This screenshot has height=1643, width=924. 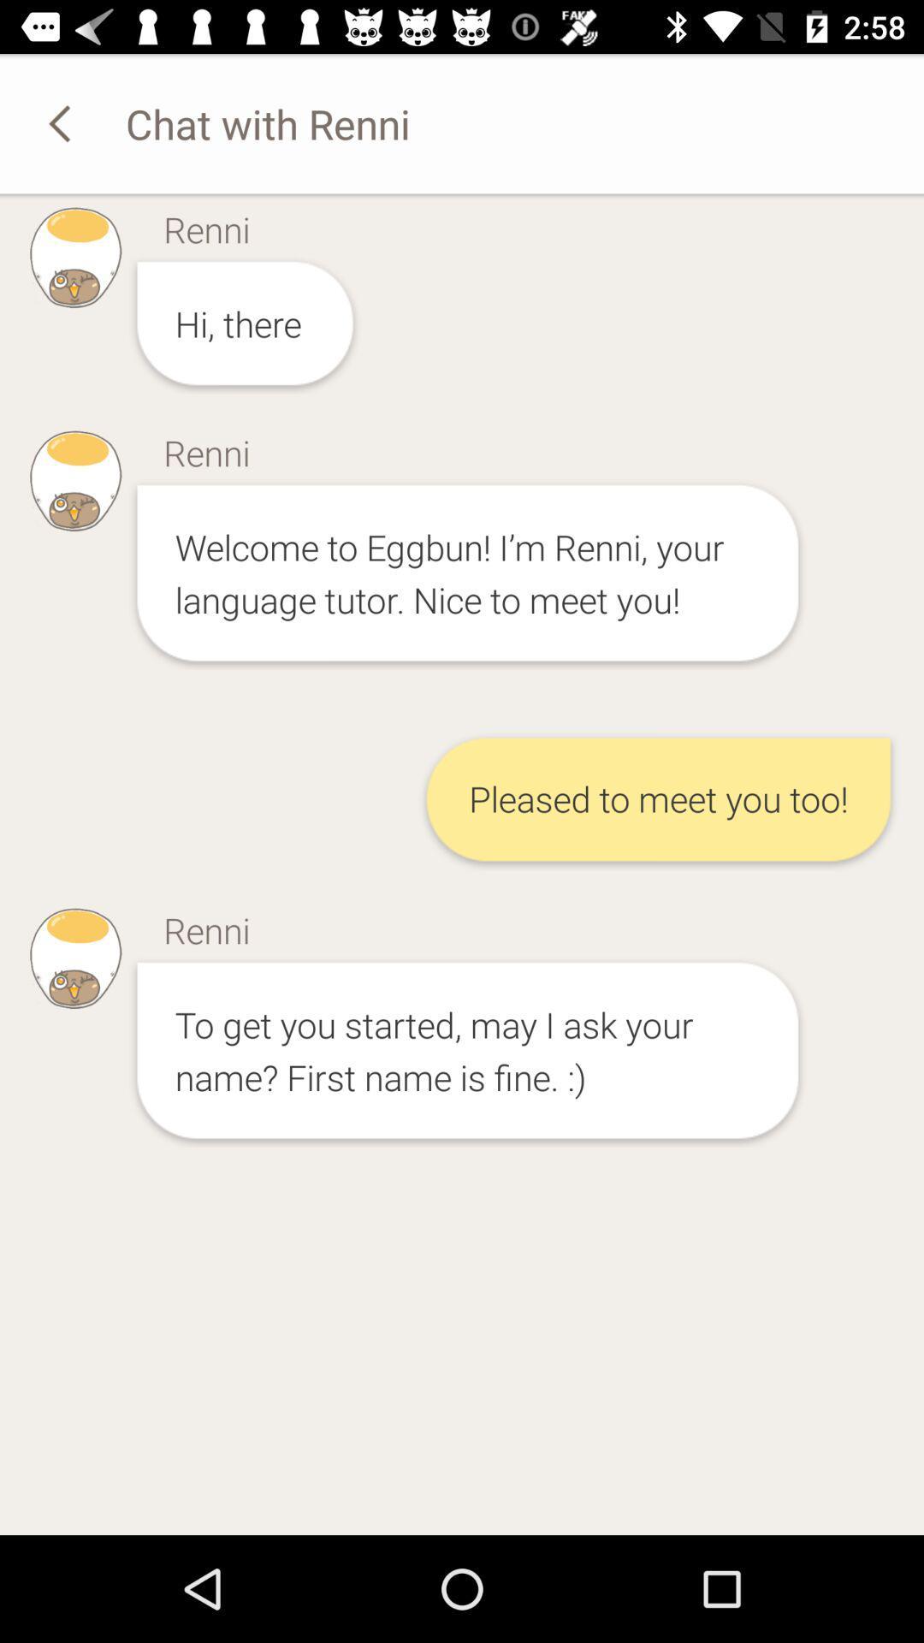 I want to click on the arrow_backward icon, so click(x=62, y=122).